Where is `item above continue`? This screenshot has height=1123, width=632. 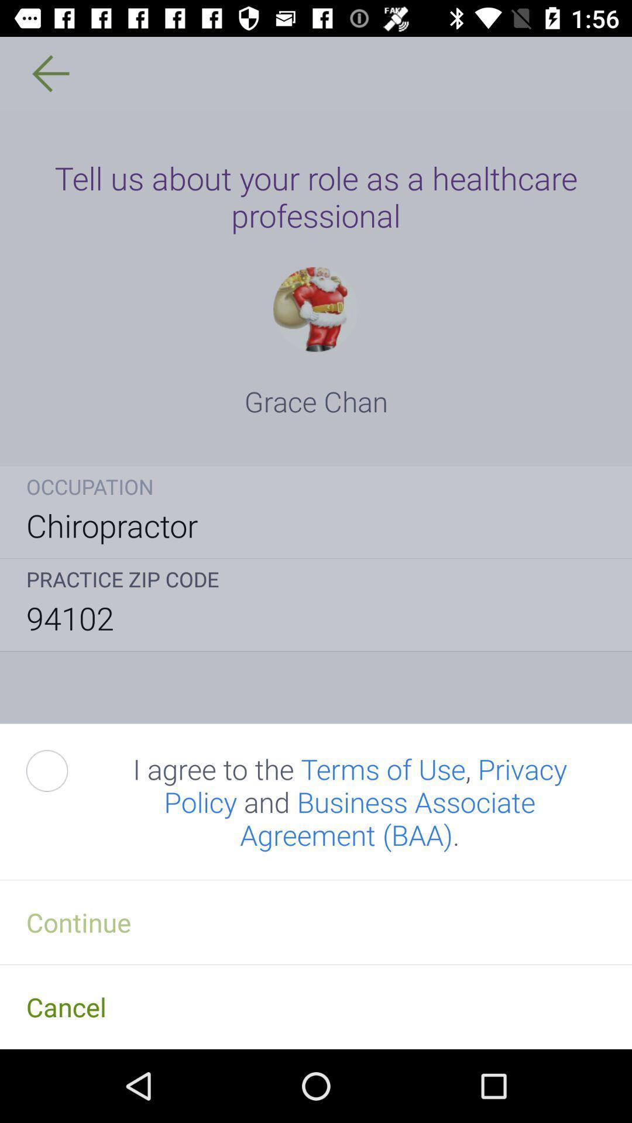
item above continue is located at coordinates (349, 801).